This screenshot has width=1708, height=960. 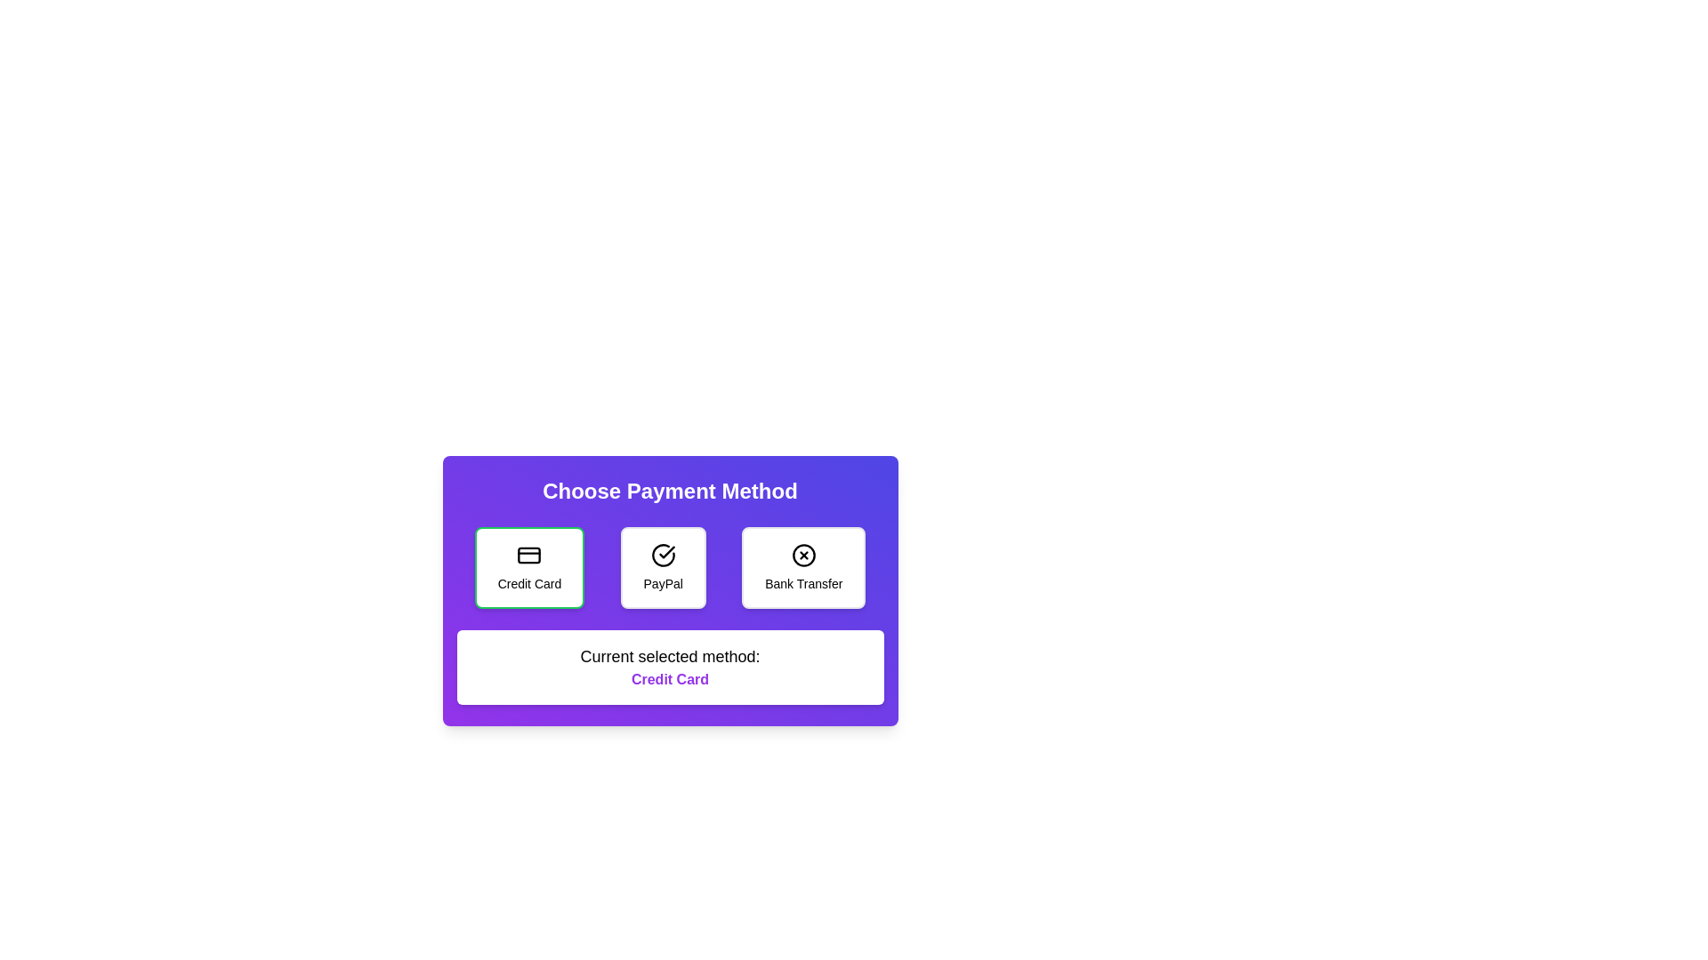 I want to click on the button corresponding to the payment method Bank Transfer, so click(x=802, y=568).